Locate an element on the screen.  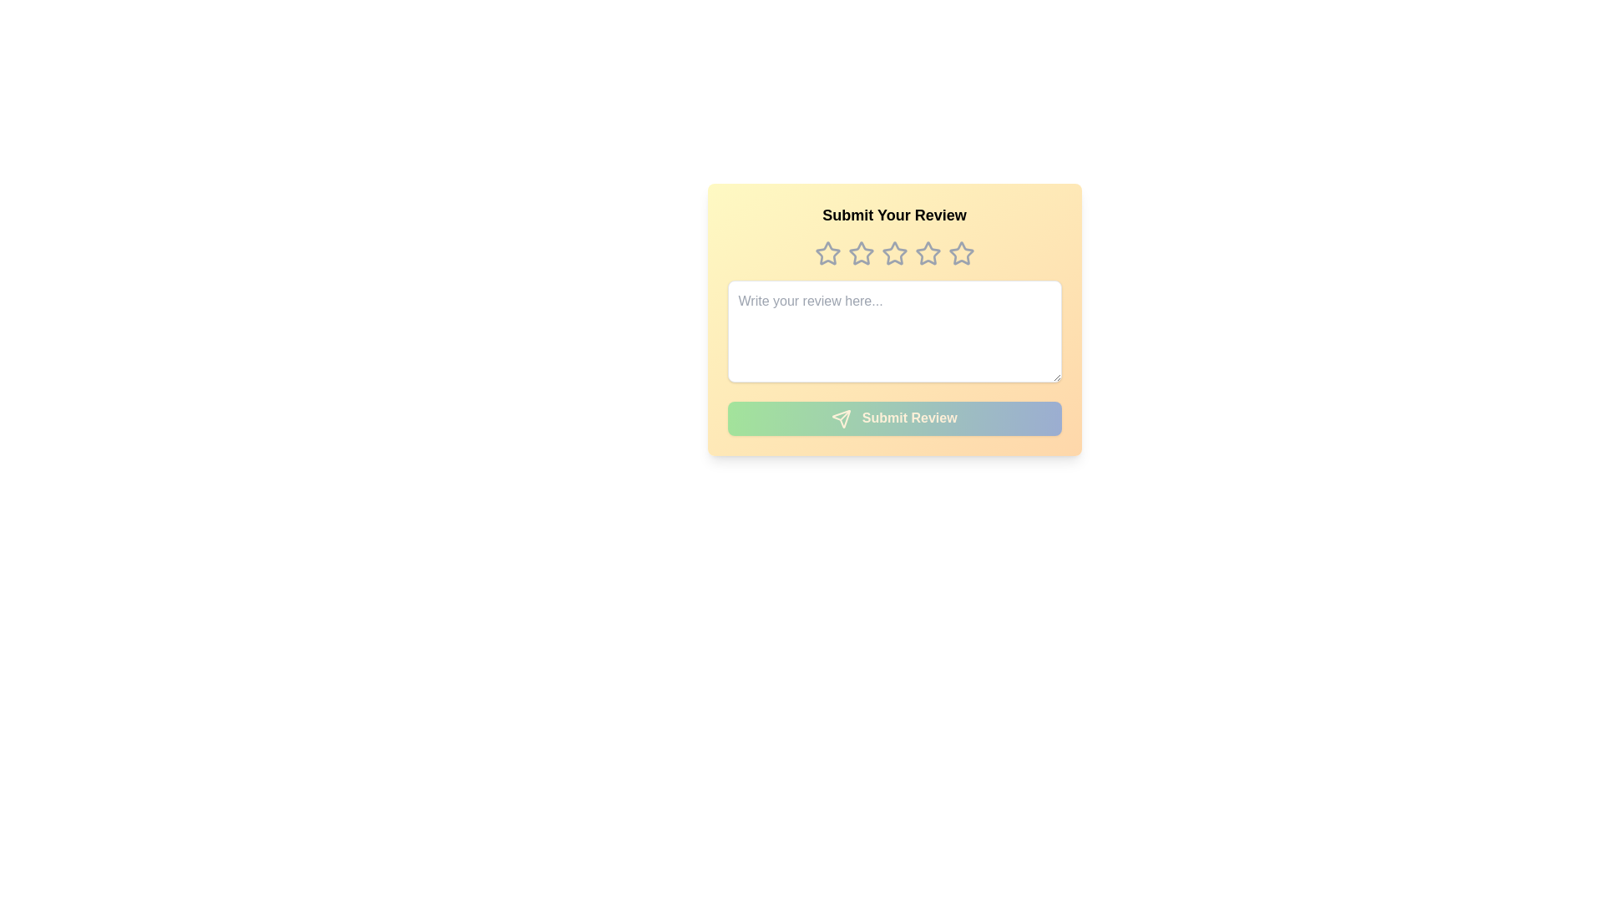
the fifth star is located at coordinates (961, 253).